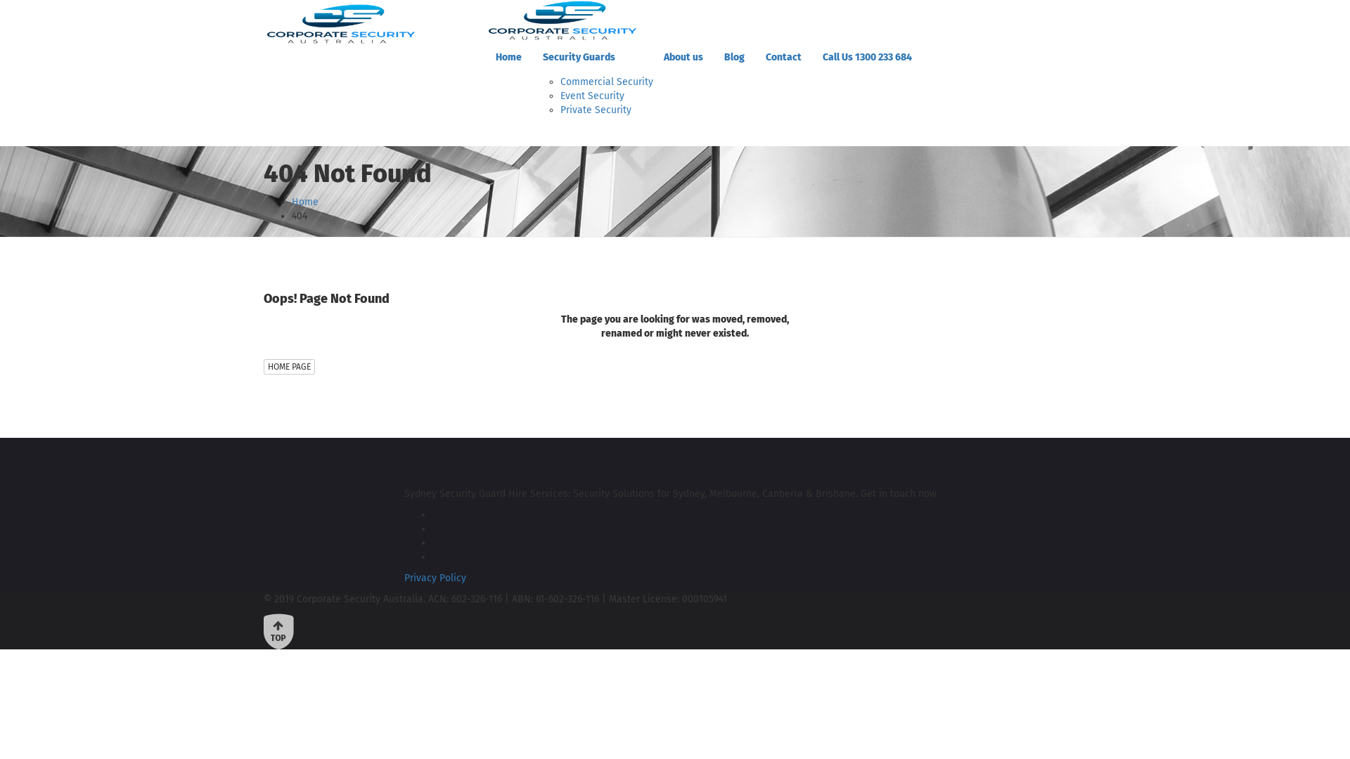 The image size is (1350, 759). I want to click on 'Blog', so click(713, 56).